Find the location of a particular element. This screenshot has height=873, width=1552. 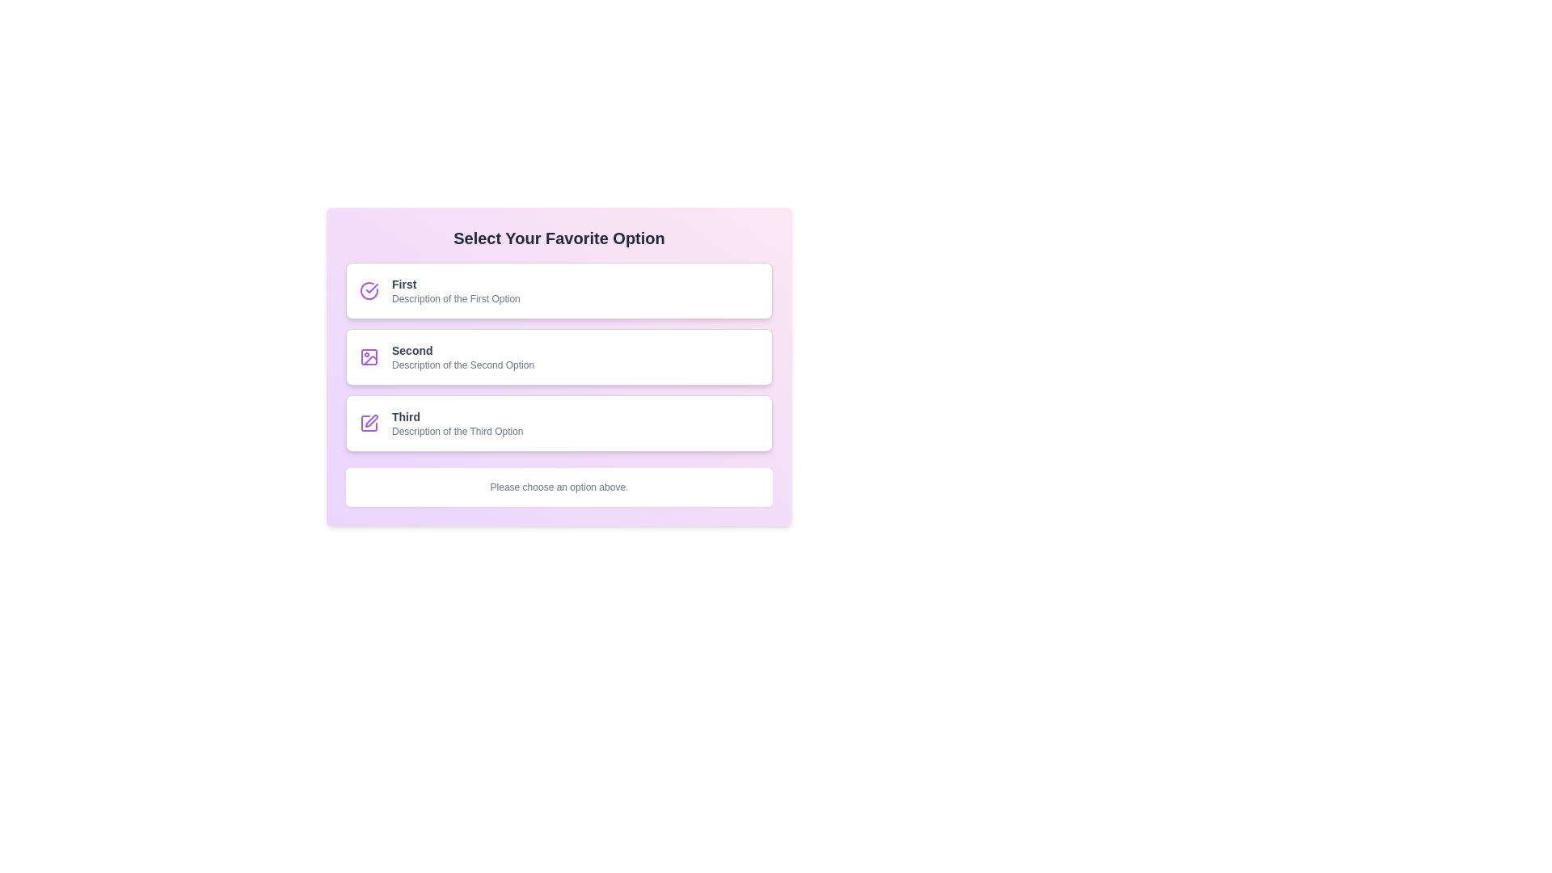

the interactive option box is located at coordinates (559, 367).